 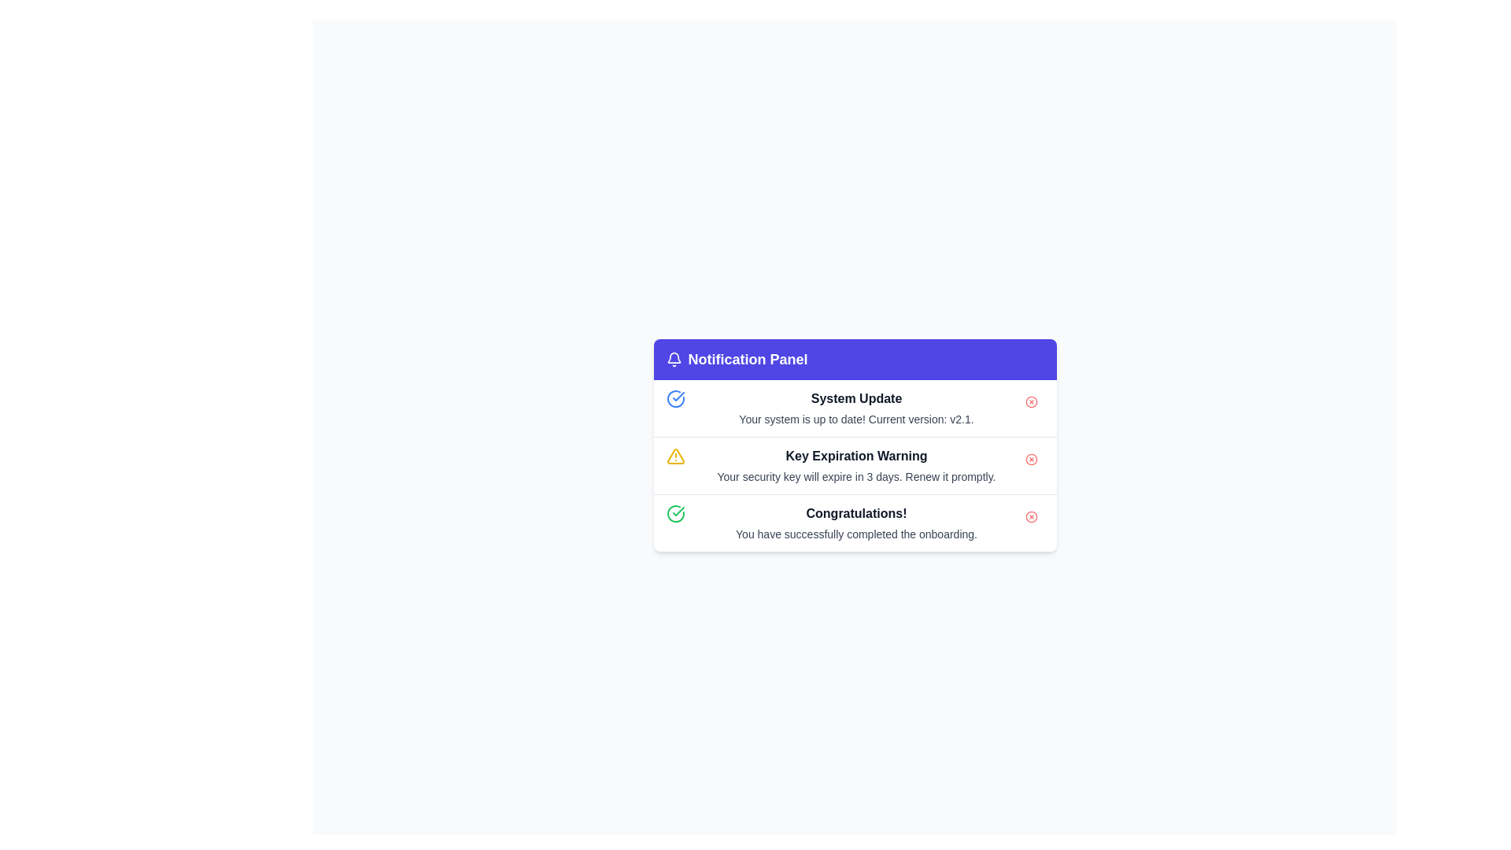 I want to click on the close button located on the right side of the middle row of the notification panel, next to the 'Key Expiration Warning' text, so click(x=1031, y=459).